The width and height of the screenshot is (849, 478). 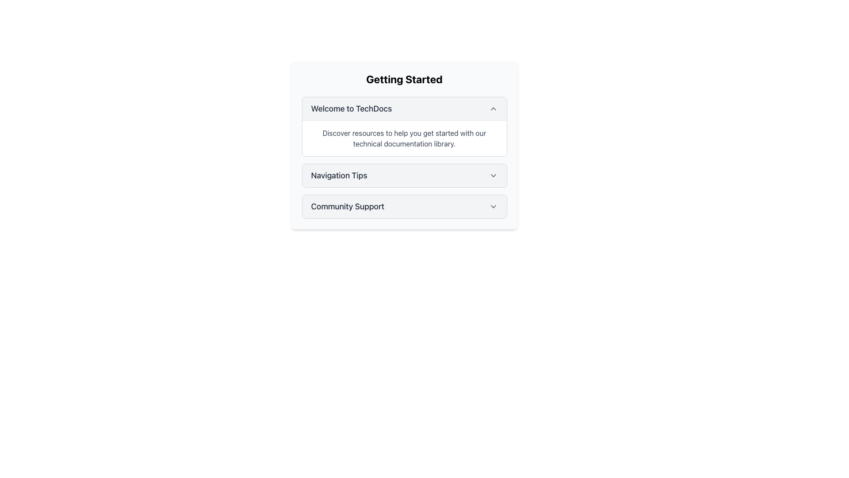 What do you see at coordinates (493, 206) in the screenshot?
I see `the down-chevron icon located to the right of the 'Community Support' button` at bounding box center [493, 206].